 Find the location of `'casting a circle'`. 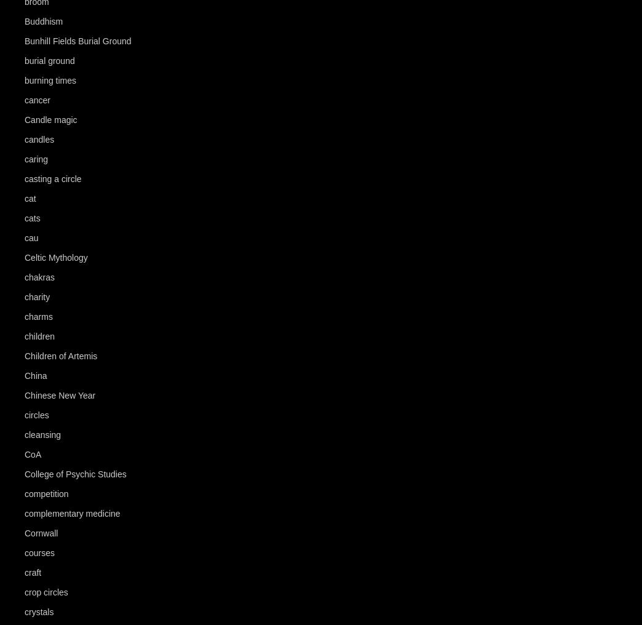

'casting a circle' is located at coordinates (23, 178).